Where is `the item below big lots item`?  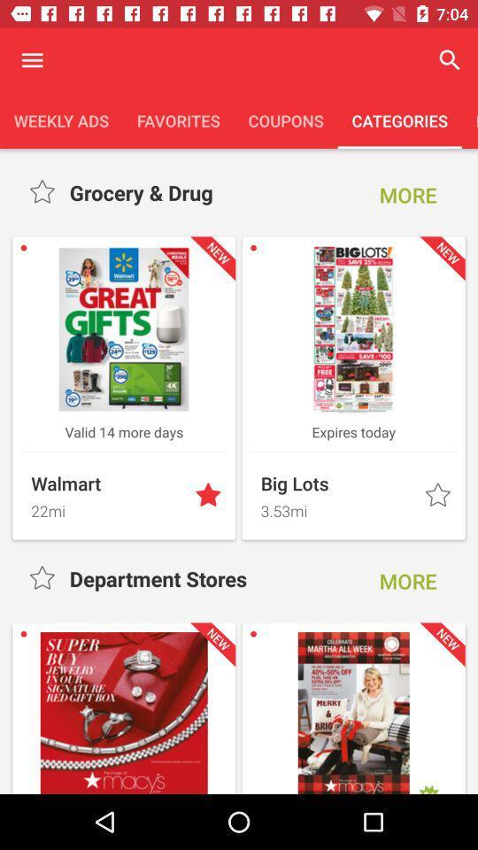 the item below big lots item is located at coordinates (337, 508).